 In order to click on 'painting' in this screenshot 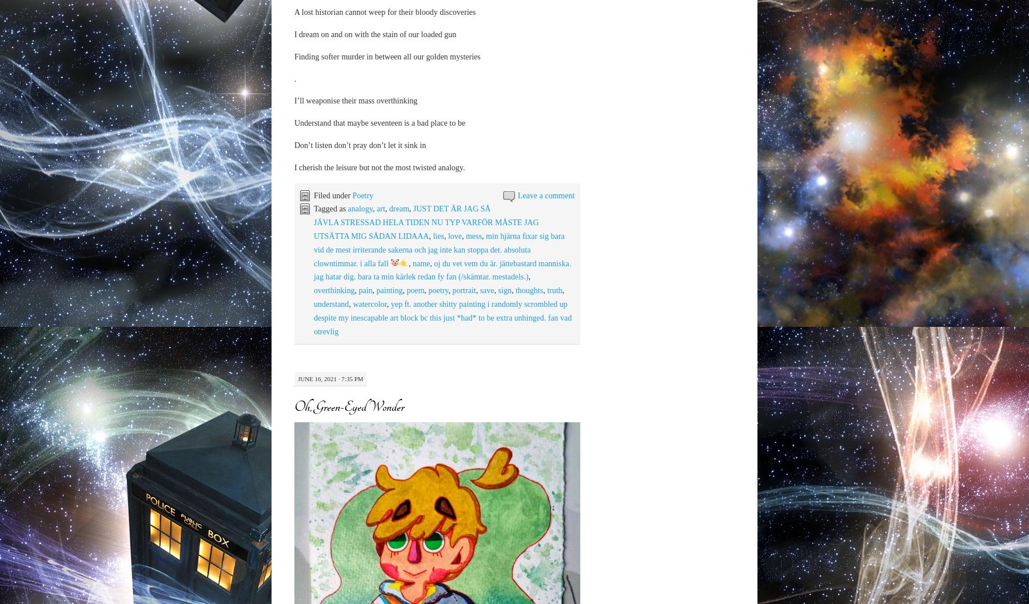, I will do `click(388, 290)`.